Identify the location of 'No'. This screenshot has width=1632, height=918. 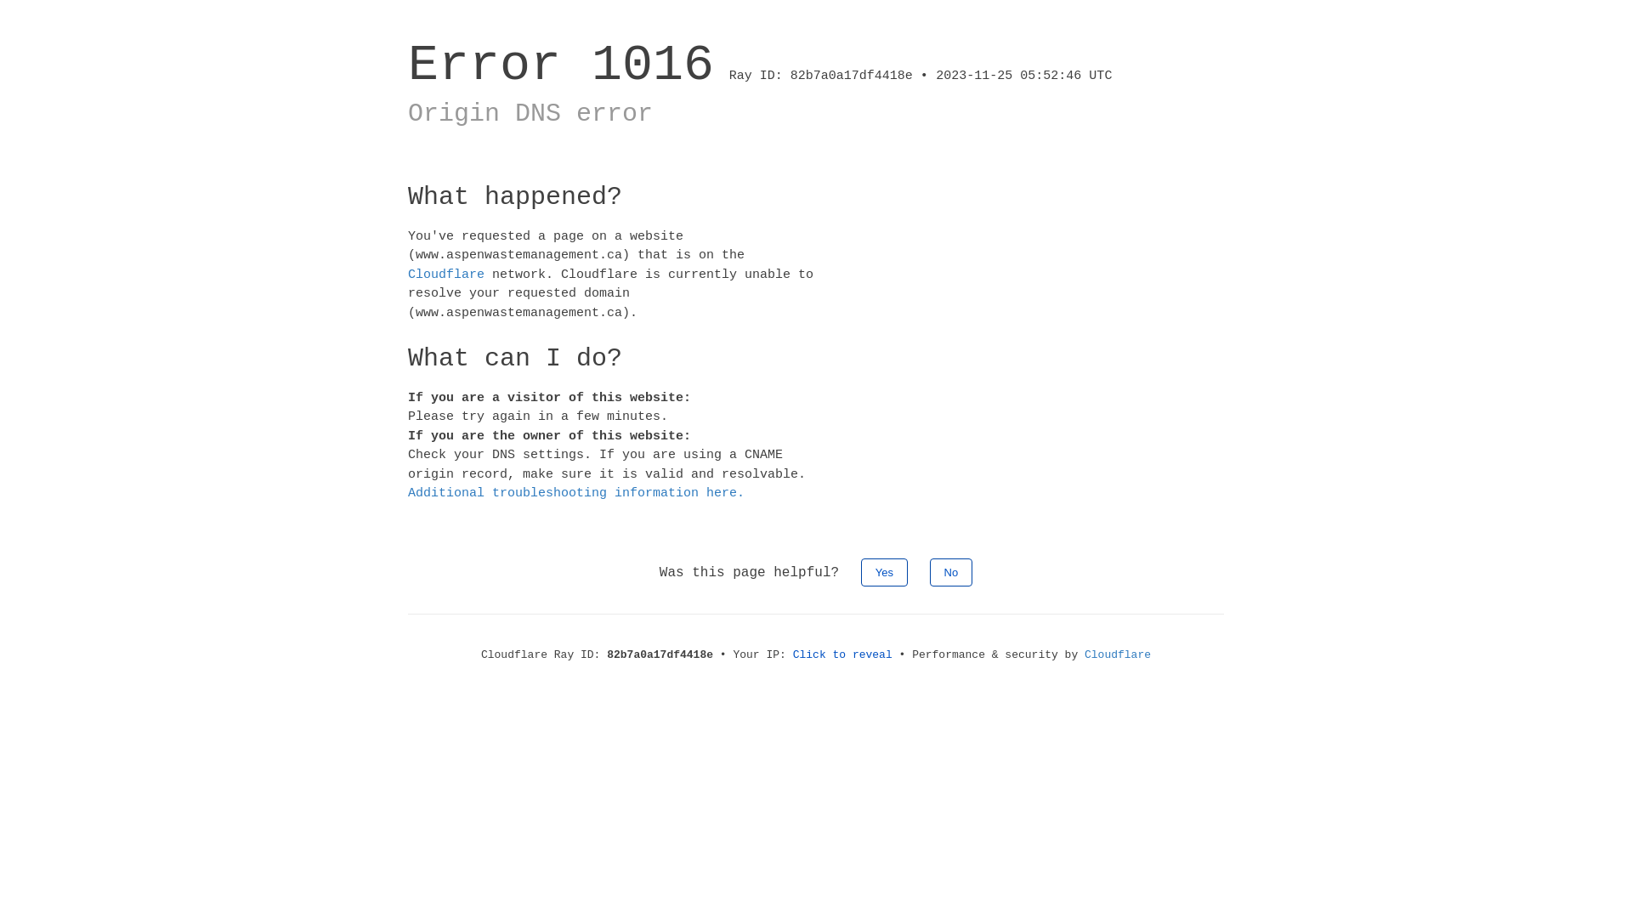
(950, 571).